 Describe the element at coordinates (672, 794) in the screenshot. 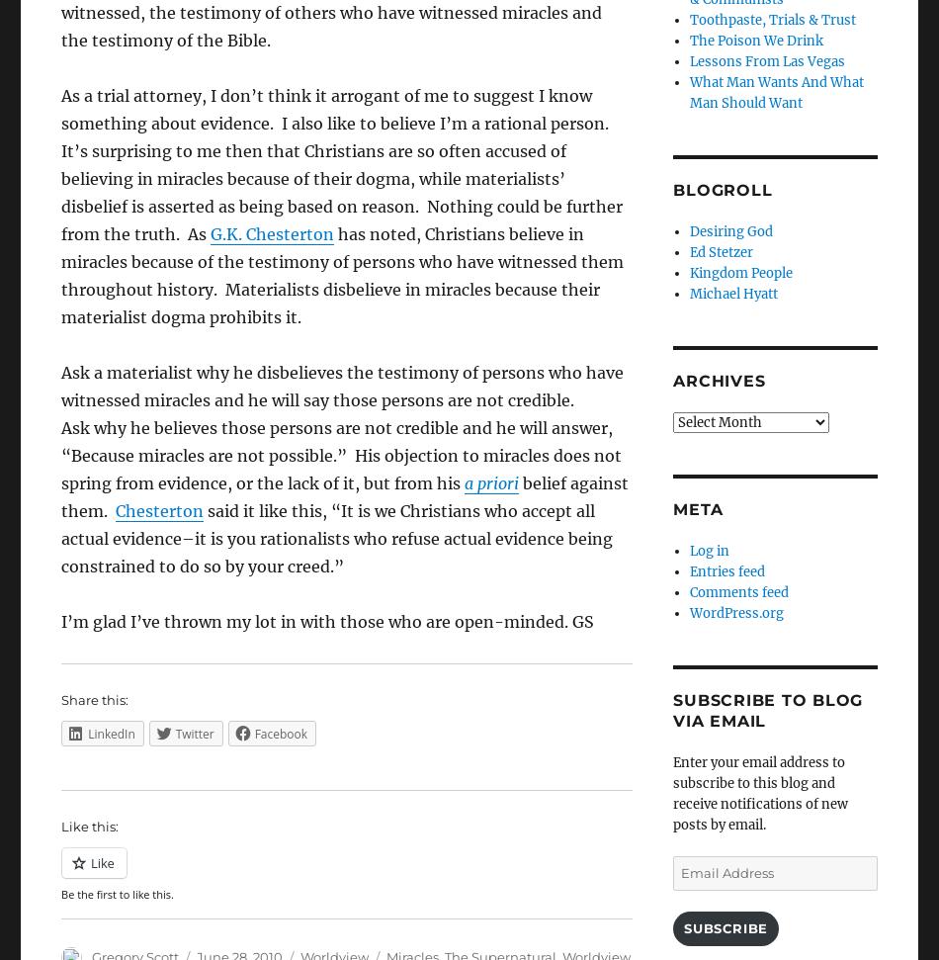

I see `'Enter your email address to subscribe to this blog and receive notifications of new posts by email.'` at that location.